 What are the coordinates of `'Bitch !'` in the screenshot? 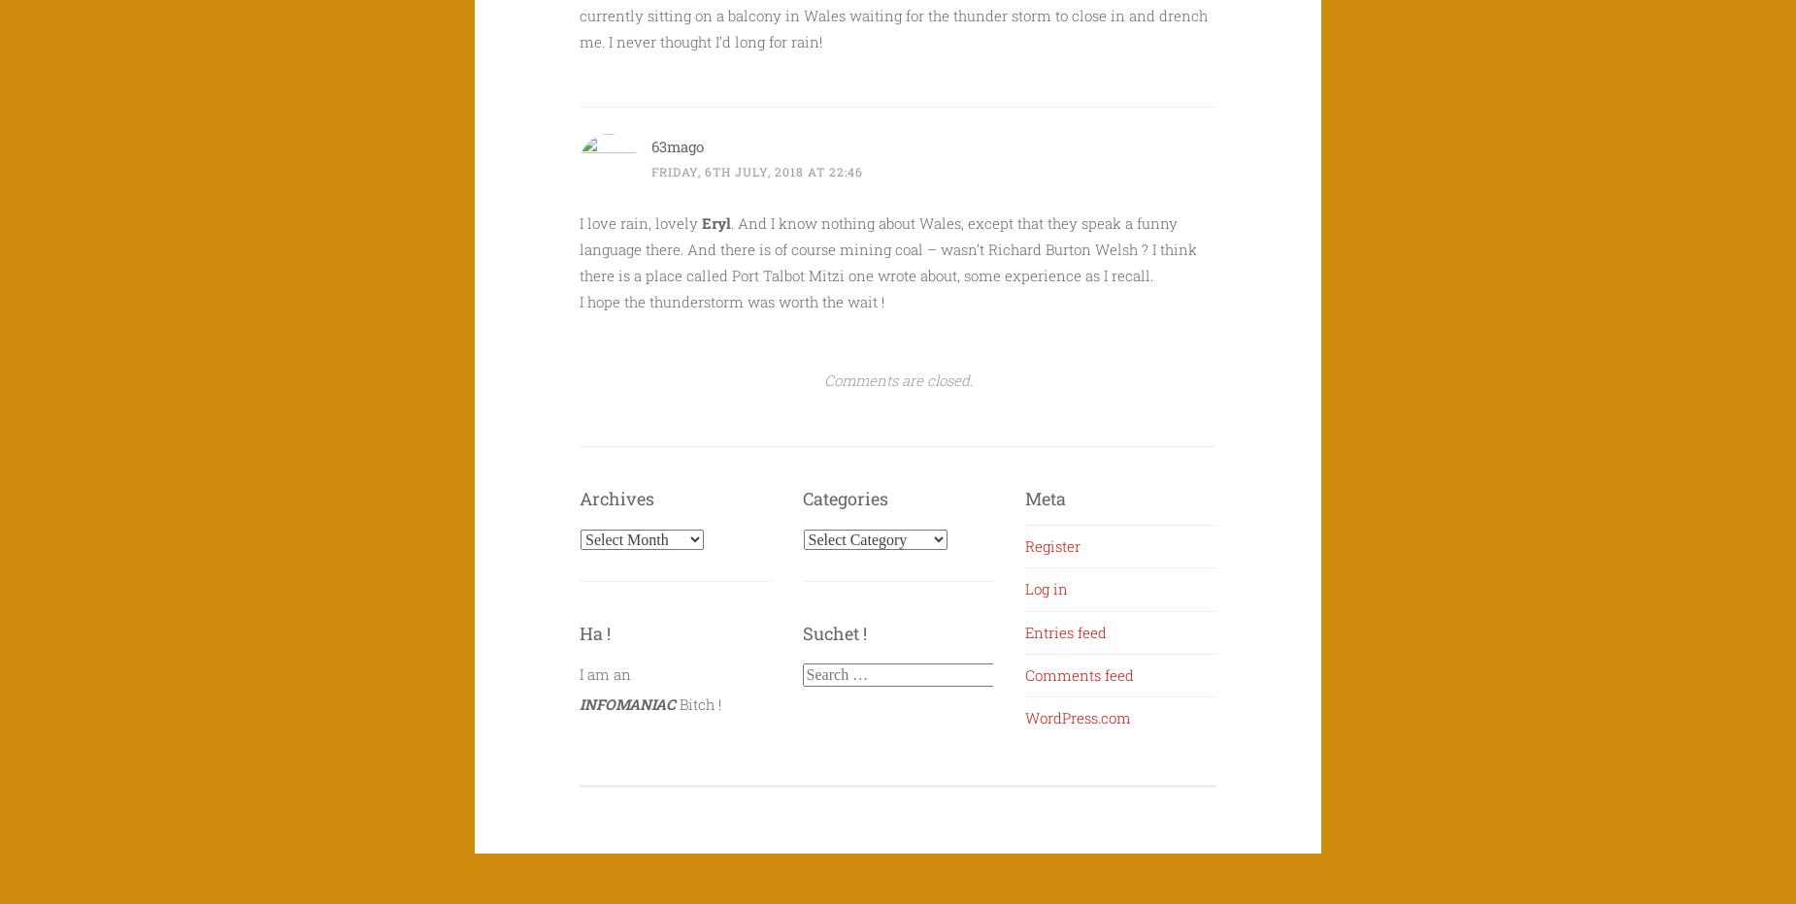 It's located at (698, 703).